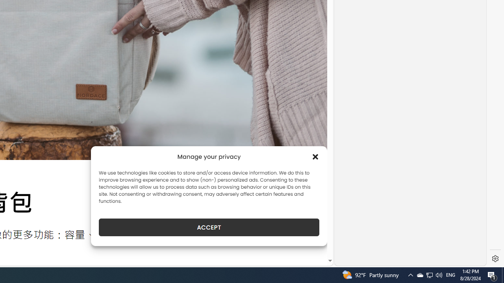 The width and height of the screenshot is (504, 283). I want to click on 'ACCEPT', so click(209, 227).